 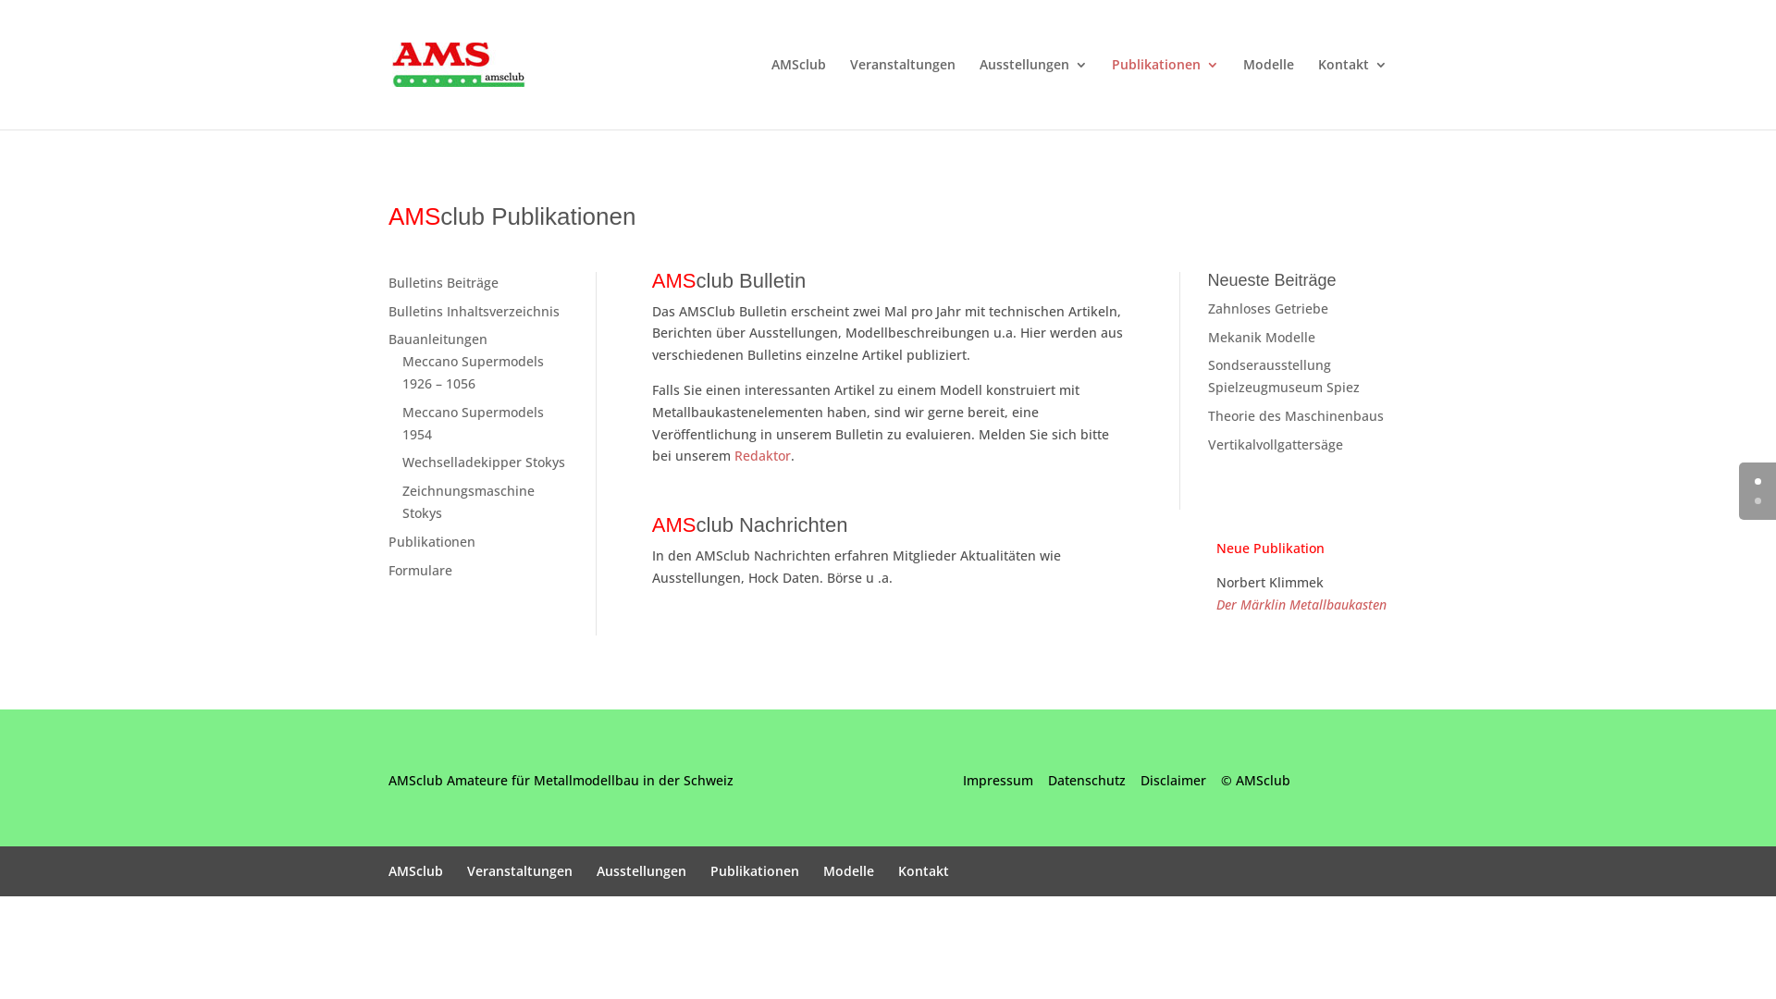 I want to click on 'Kontakt', so click(x=923, y=870).